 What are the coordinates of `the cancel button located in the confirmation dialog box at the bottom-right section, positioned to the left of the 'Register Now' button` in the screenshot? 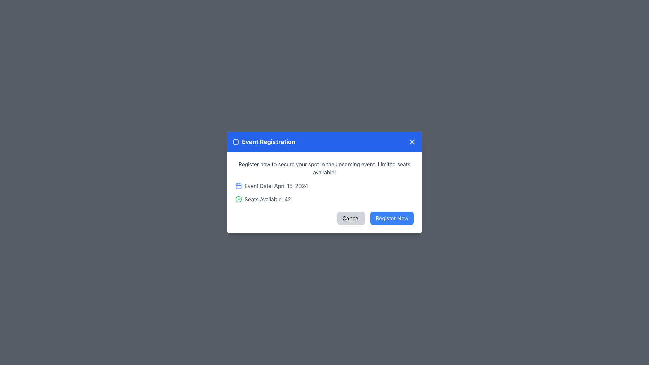 It's located at (351, 218).